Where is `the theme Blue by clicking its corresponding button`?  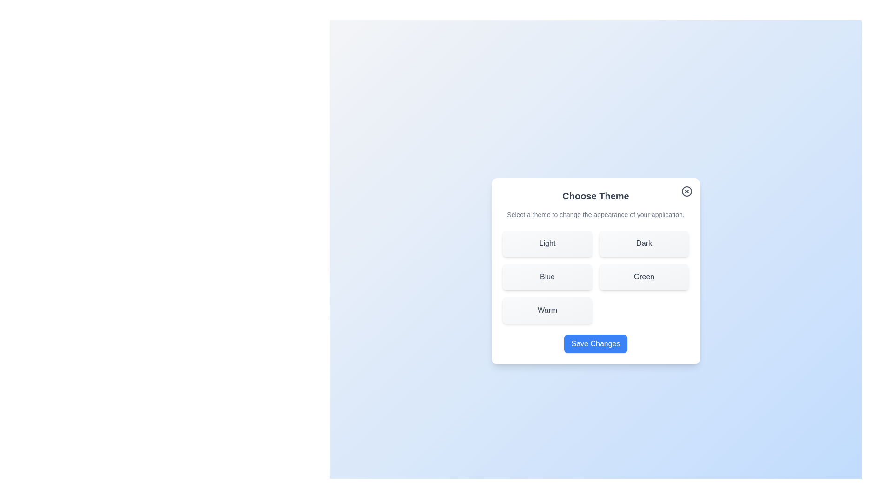 the theme Blue by clicking its corresponding button is located at coordinates (547, 277).